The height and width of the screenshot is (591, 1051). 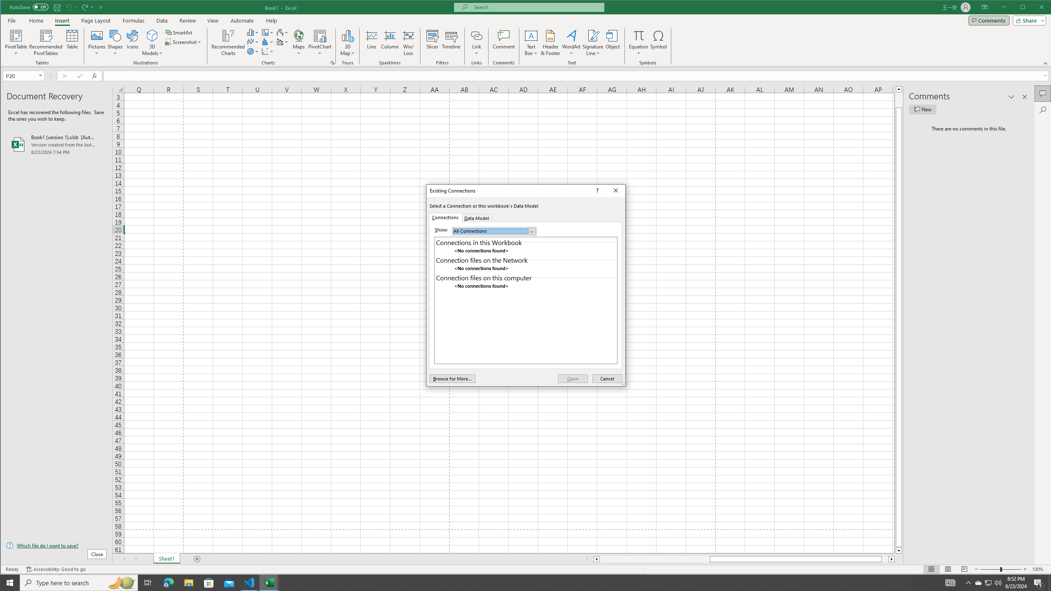 I want to click on 'Shapes', so click(x=115, y=42).